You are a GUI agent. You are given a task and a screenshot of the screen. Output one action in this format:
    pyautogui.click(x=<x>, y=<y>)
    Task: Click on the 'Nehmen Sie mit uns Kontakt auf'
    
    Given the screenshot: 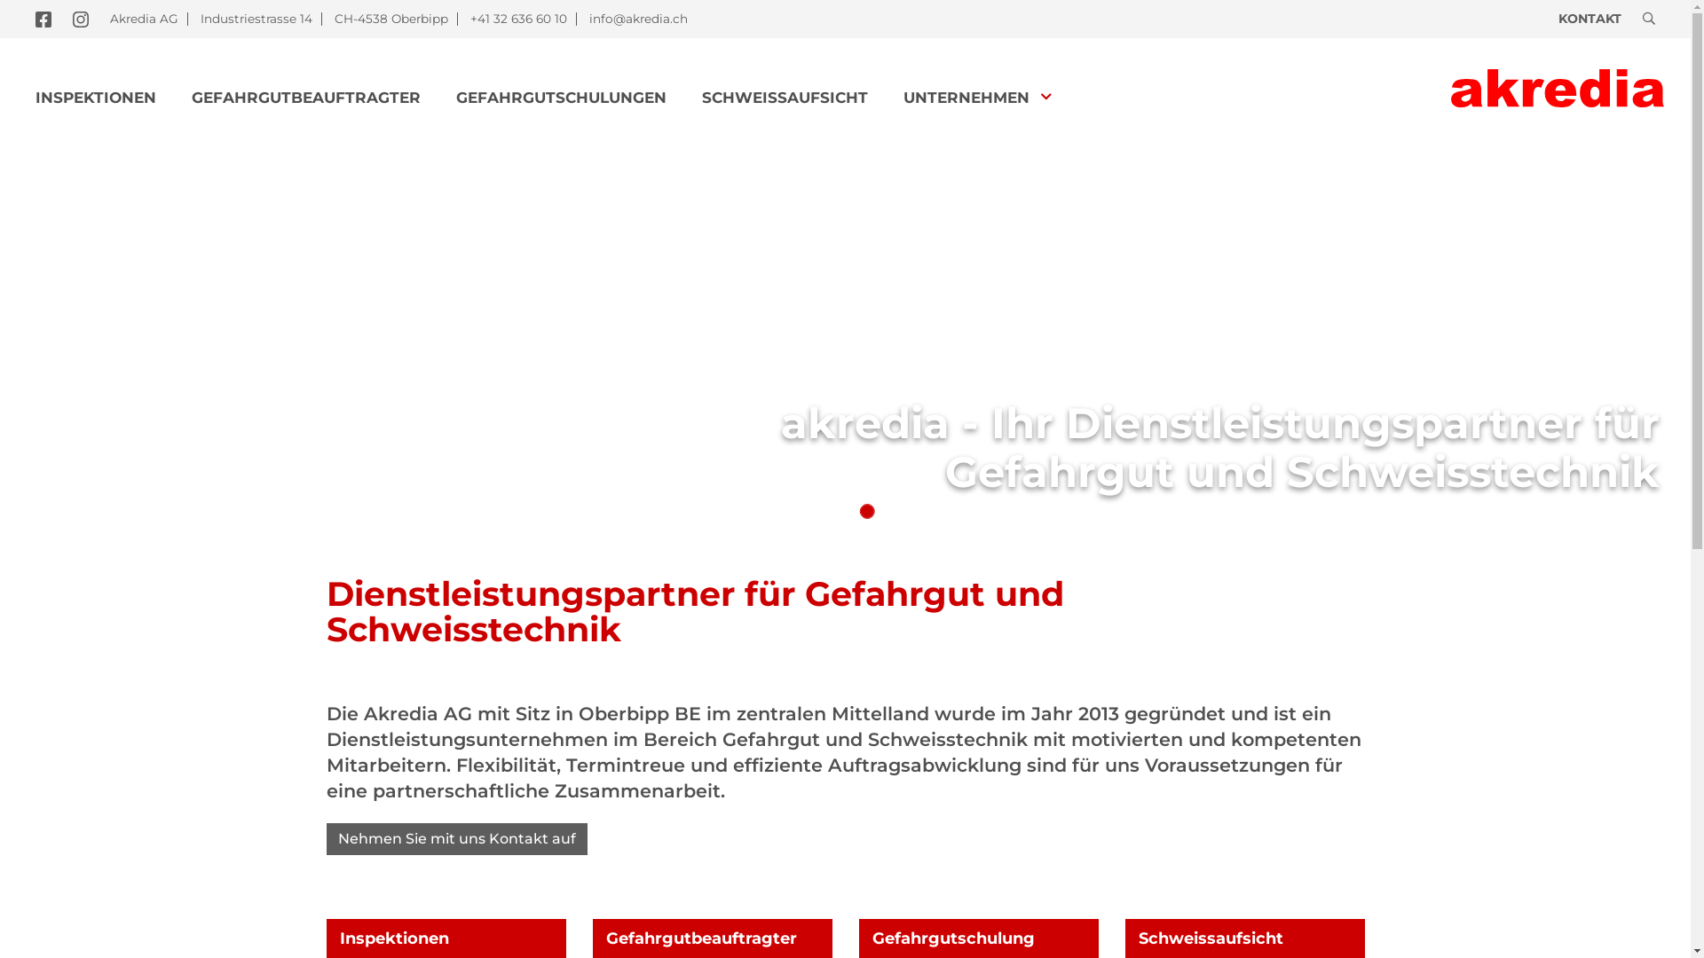 What is the action you would take?
    pyautogui.click(x=456, y=838)
    